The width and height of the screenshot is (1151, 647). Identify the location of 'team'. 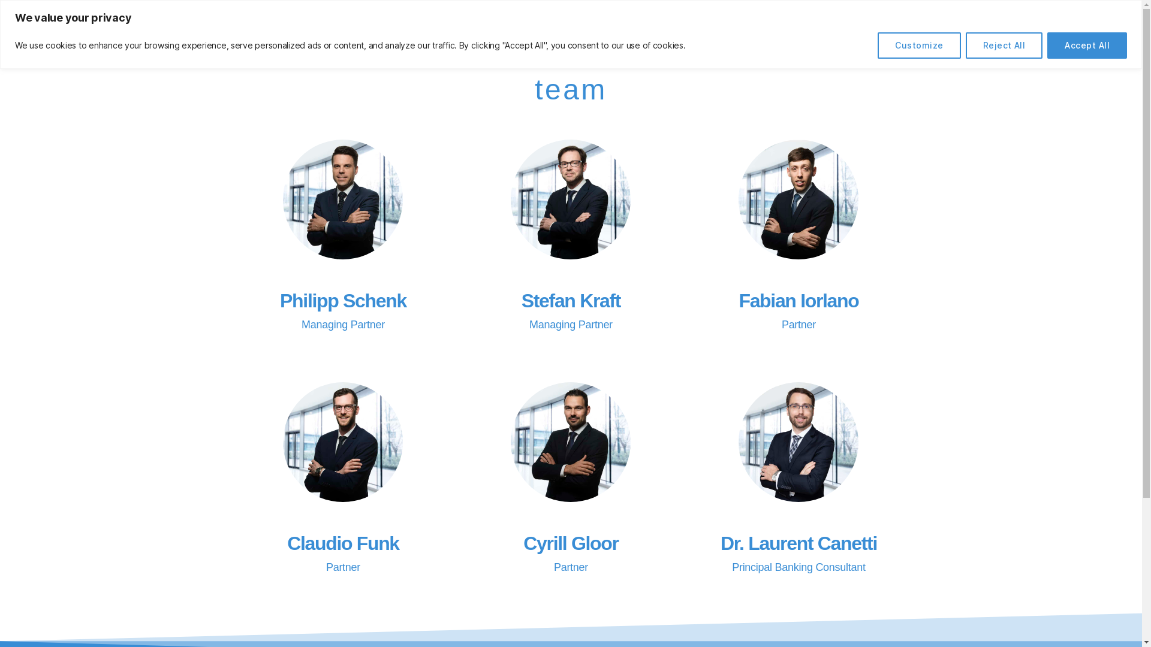
(968, 28).